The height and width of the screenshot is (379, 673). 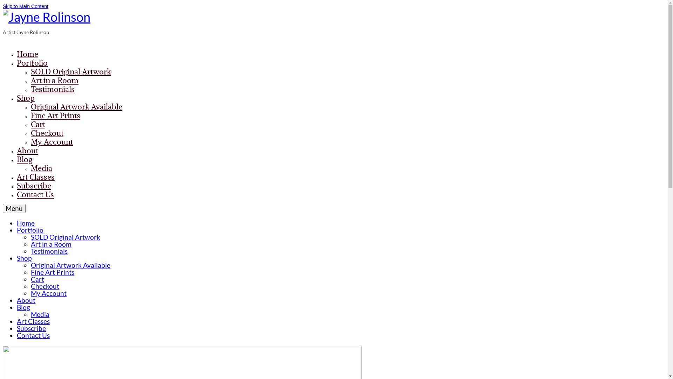 I want to click on 'Portfolio', so click(x=32, y=62).